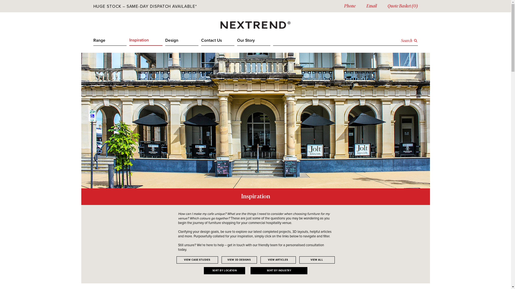 This screenshot has height=289, width=515. I want to click on 'Inspiration', so click(146, 42).